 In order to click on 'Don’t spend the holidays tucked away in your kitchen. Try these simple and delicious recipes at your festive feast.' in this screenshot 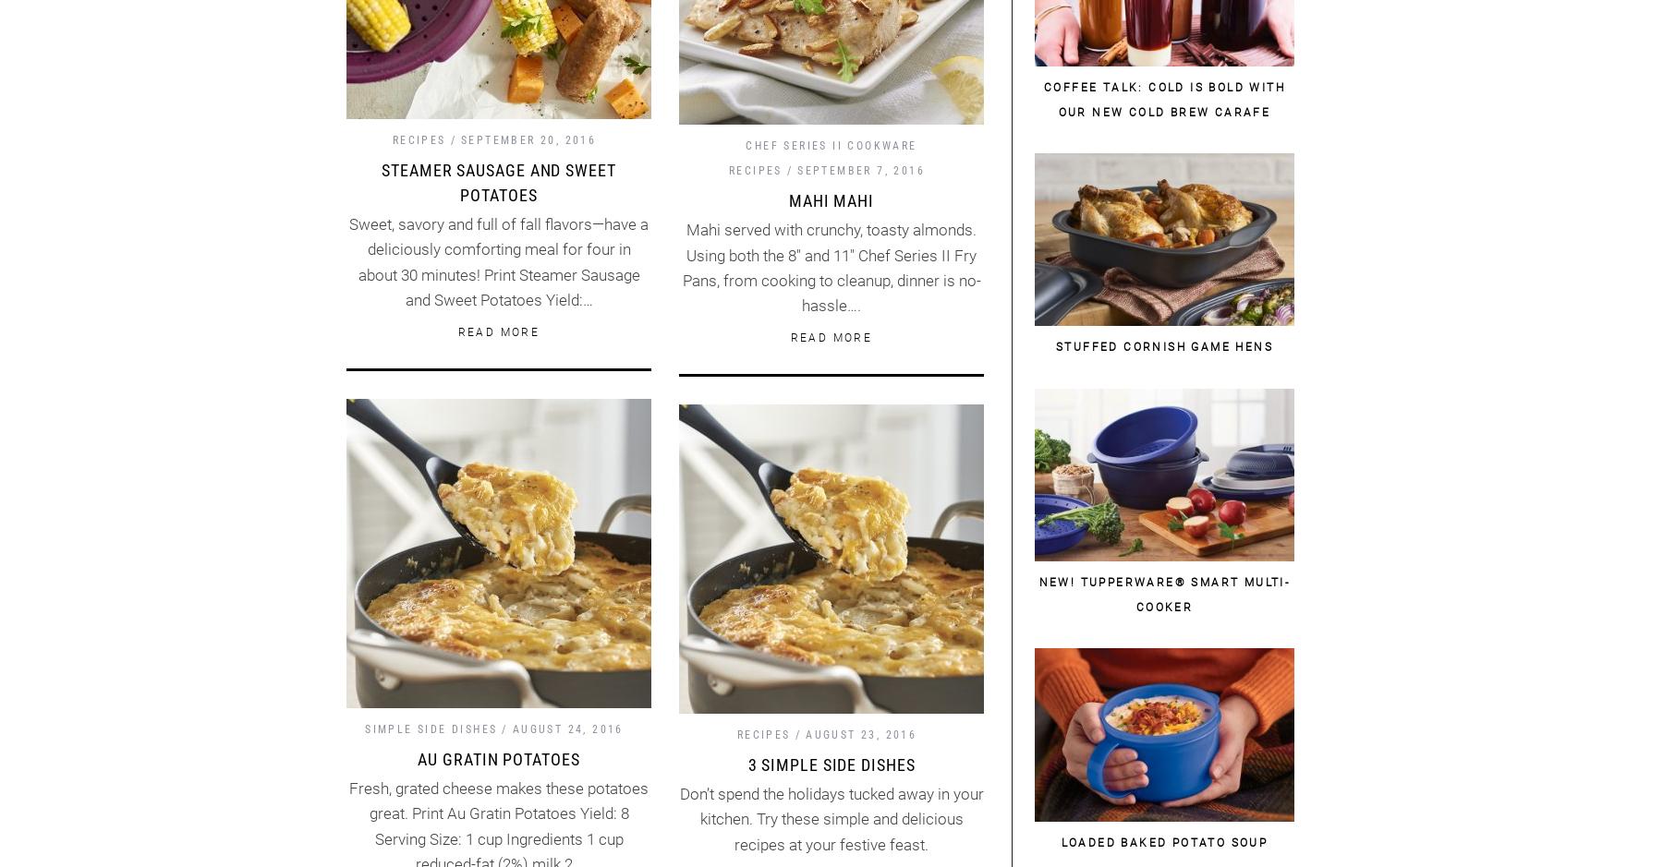, I will do `click(831, 818)`.